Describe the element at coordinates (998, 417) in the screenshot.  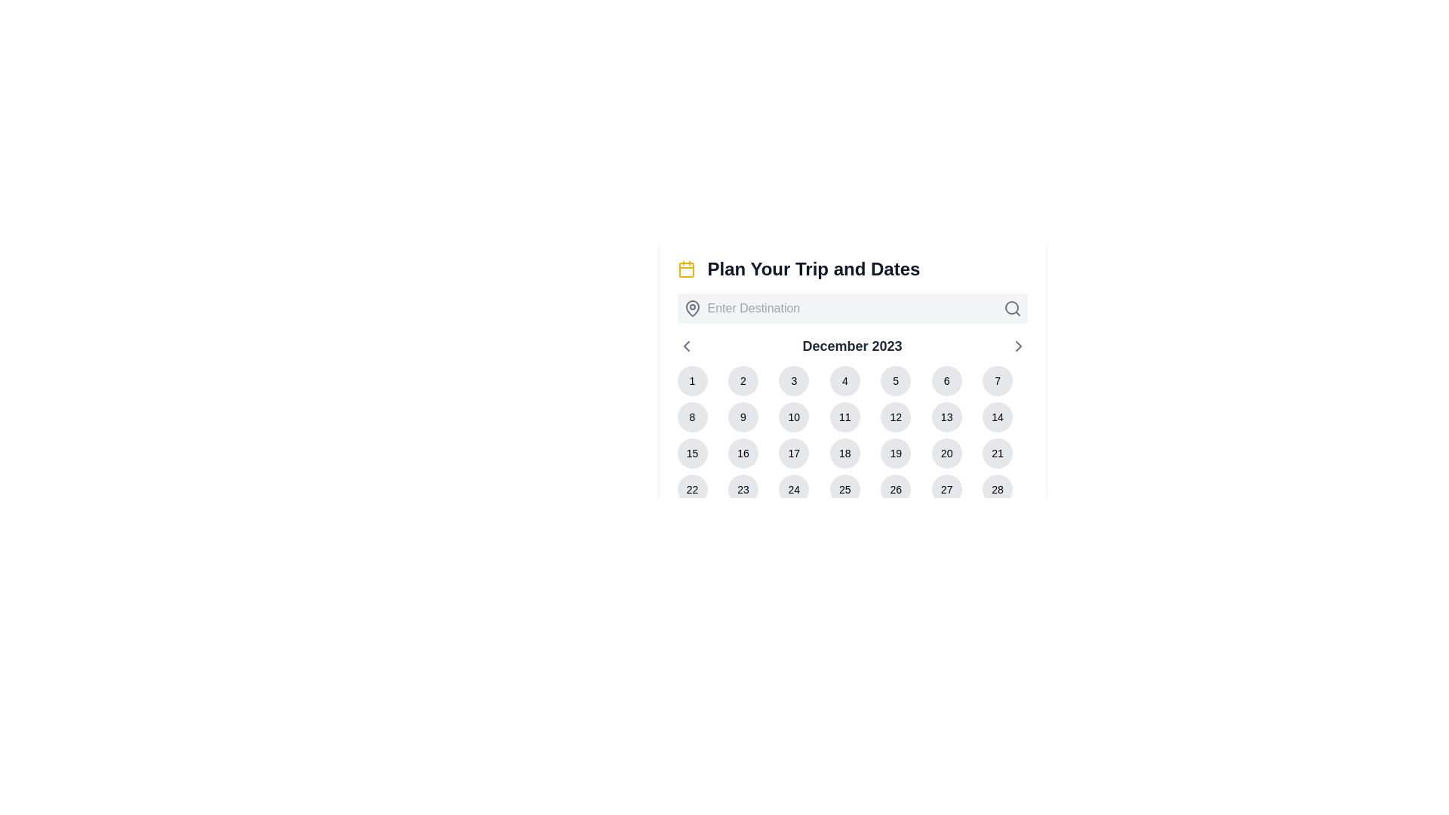
I see `the circular button with a gray background displaying the number '14' in black text, located in the second row and seventh column of the calendar grid for December 2023` at that location.